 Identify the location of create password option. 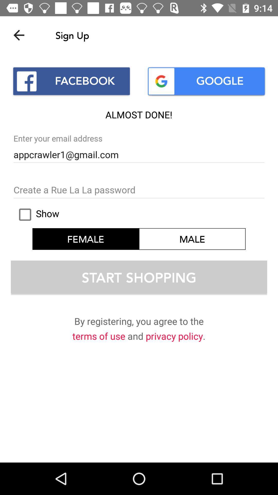
(139, 190).